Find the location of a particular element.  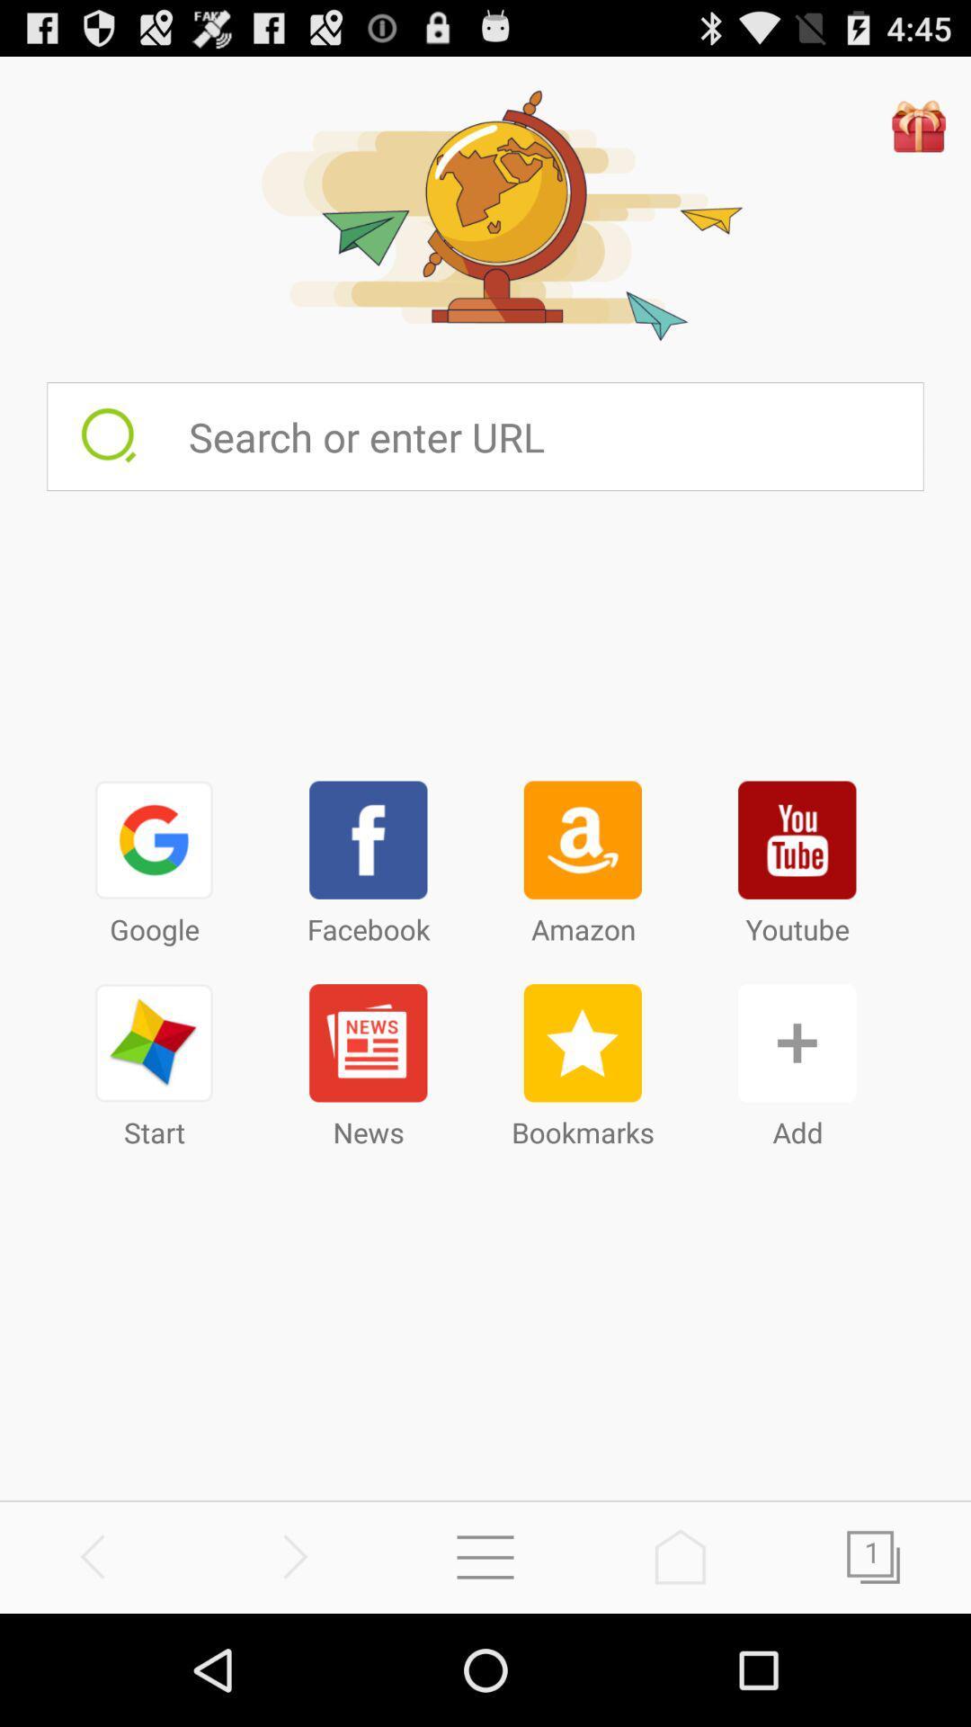

use search bar is located at coordinates (554, 436).